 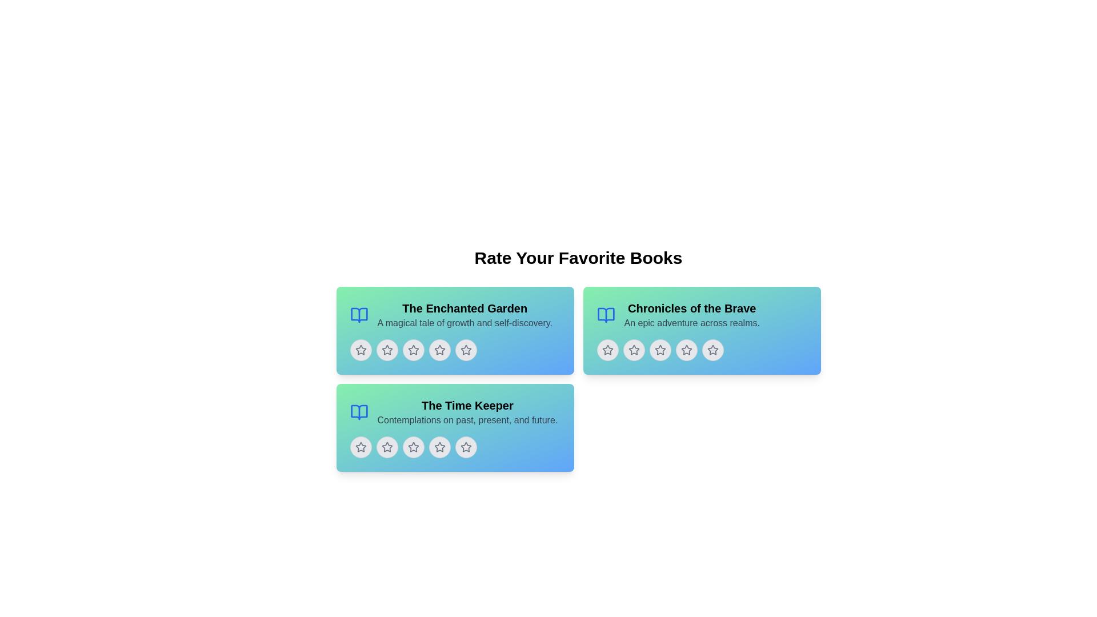 I want to click on the fourth star icon in the star-rating system beneath the title 'The Enchanted Garden', so click(x=466, y=350).